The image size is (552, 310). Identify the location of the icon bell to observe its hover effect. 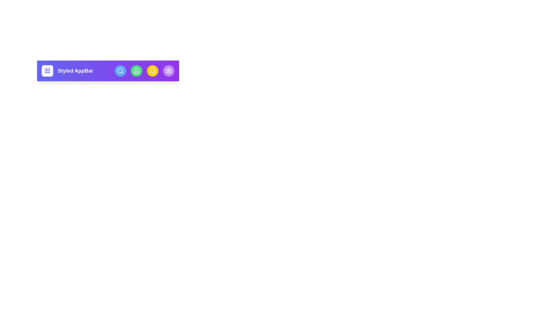
(153, 70).